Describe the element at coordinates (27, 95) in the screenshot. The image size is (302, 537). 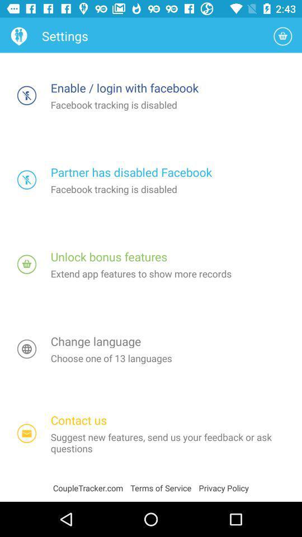
I see `facebook tracking is disabled` at that location.